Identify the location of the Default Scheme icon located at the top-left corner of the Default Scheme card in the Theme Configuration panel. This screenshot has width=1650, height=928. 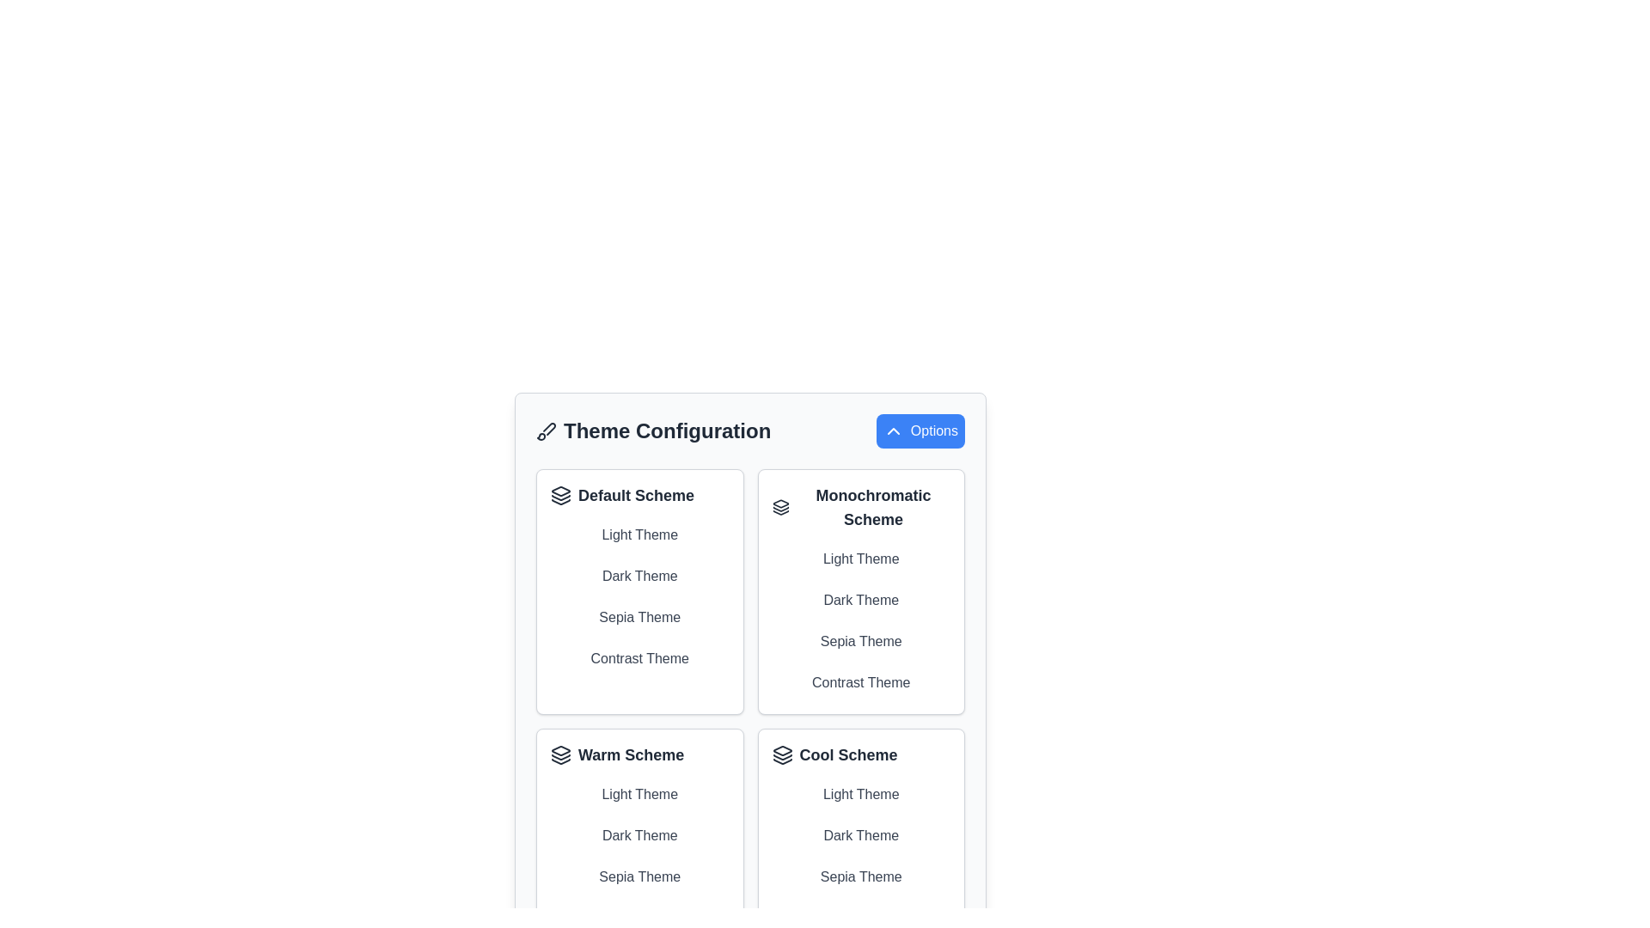
(560, 496).